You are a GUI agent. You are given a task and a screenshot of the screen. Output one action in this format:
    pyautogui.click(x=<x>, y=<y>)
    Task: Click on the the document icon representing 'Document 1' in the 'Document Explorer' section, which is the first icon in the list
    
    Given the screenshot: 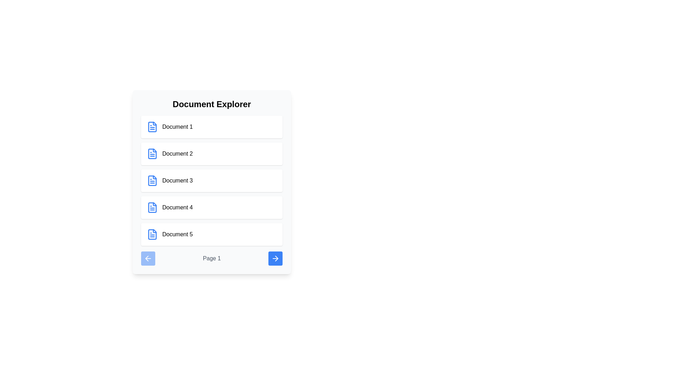 What is the action you would take?
    pyautogui.click(x=152, y=126)
    